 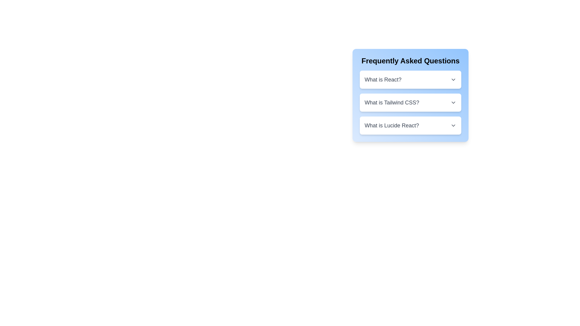 What do you see at coordinates (392, 102) in the screenshot?
I see `the label for the second menu item under the 'Frequently Asked Questions' section, positioned between 'What is React?' and 'What is Lucide React?'` at bounding box center [392, 102].